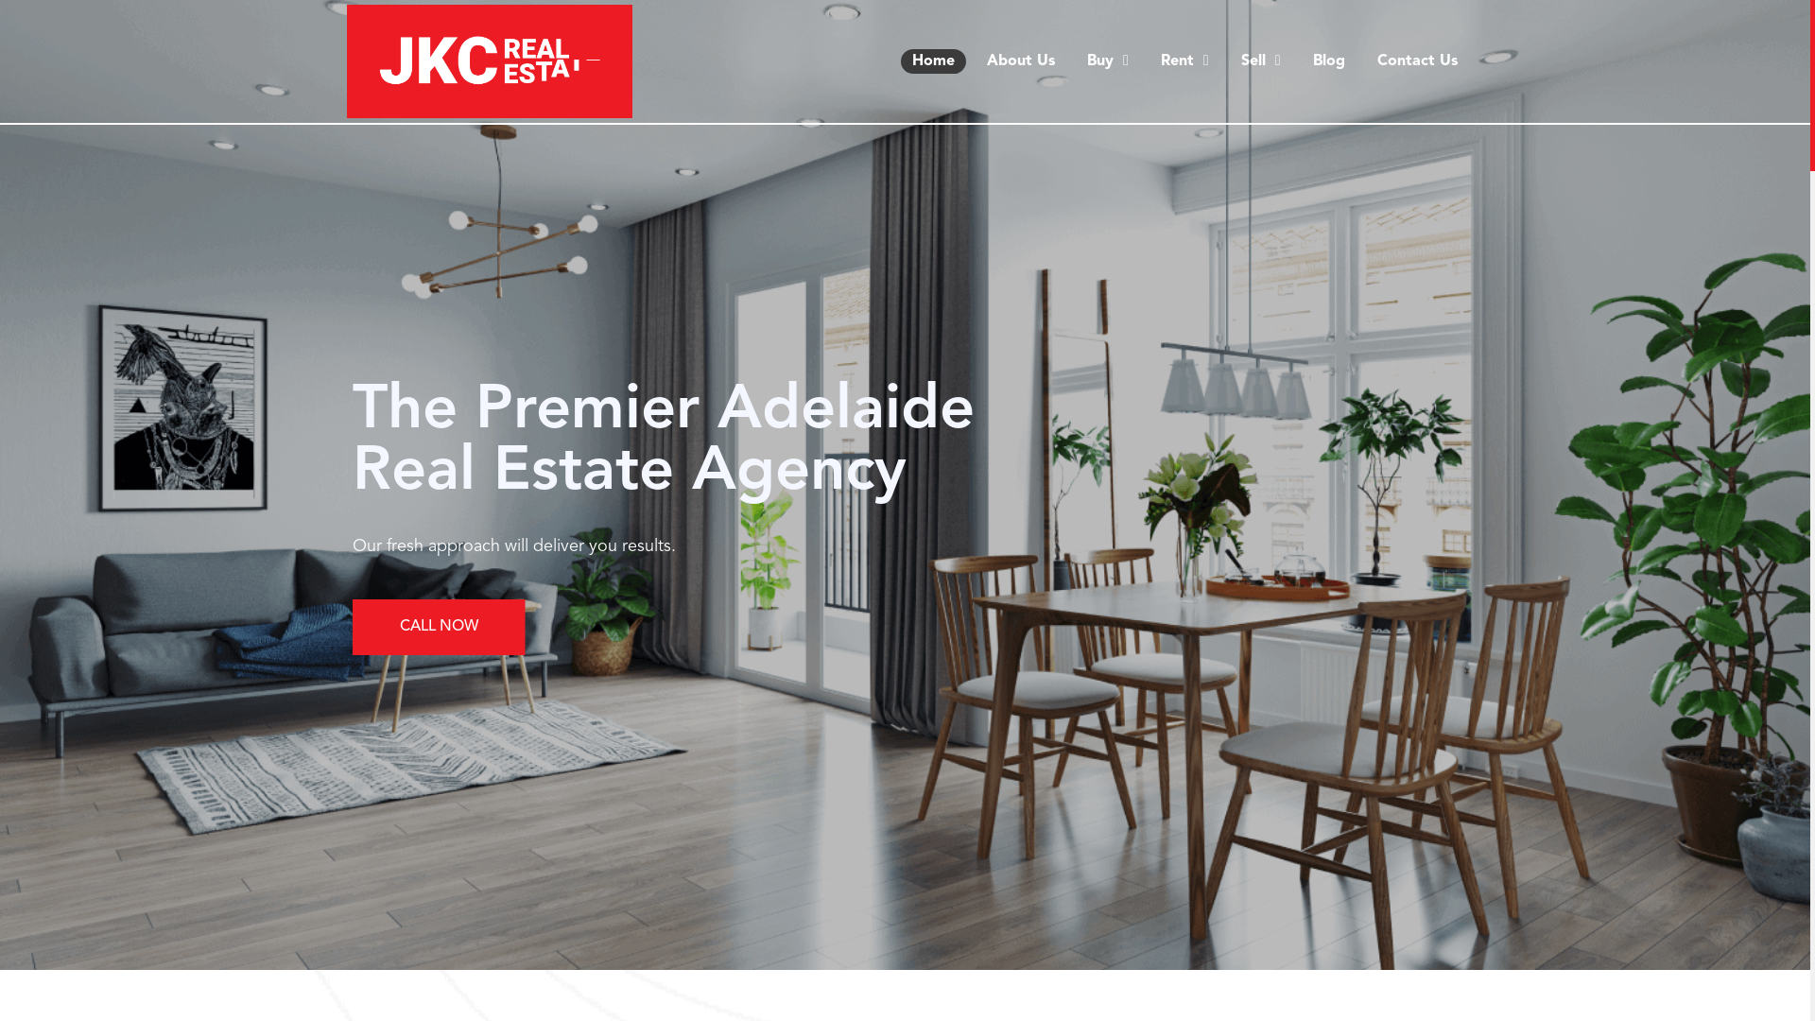 The width and height of the screenshot is (1815, 1021). Describe the element at coordinates (437, 627) in the screenshot. I see `'CALL NOW'` at that location.